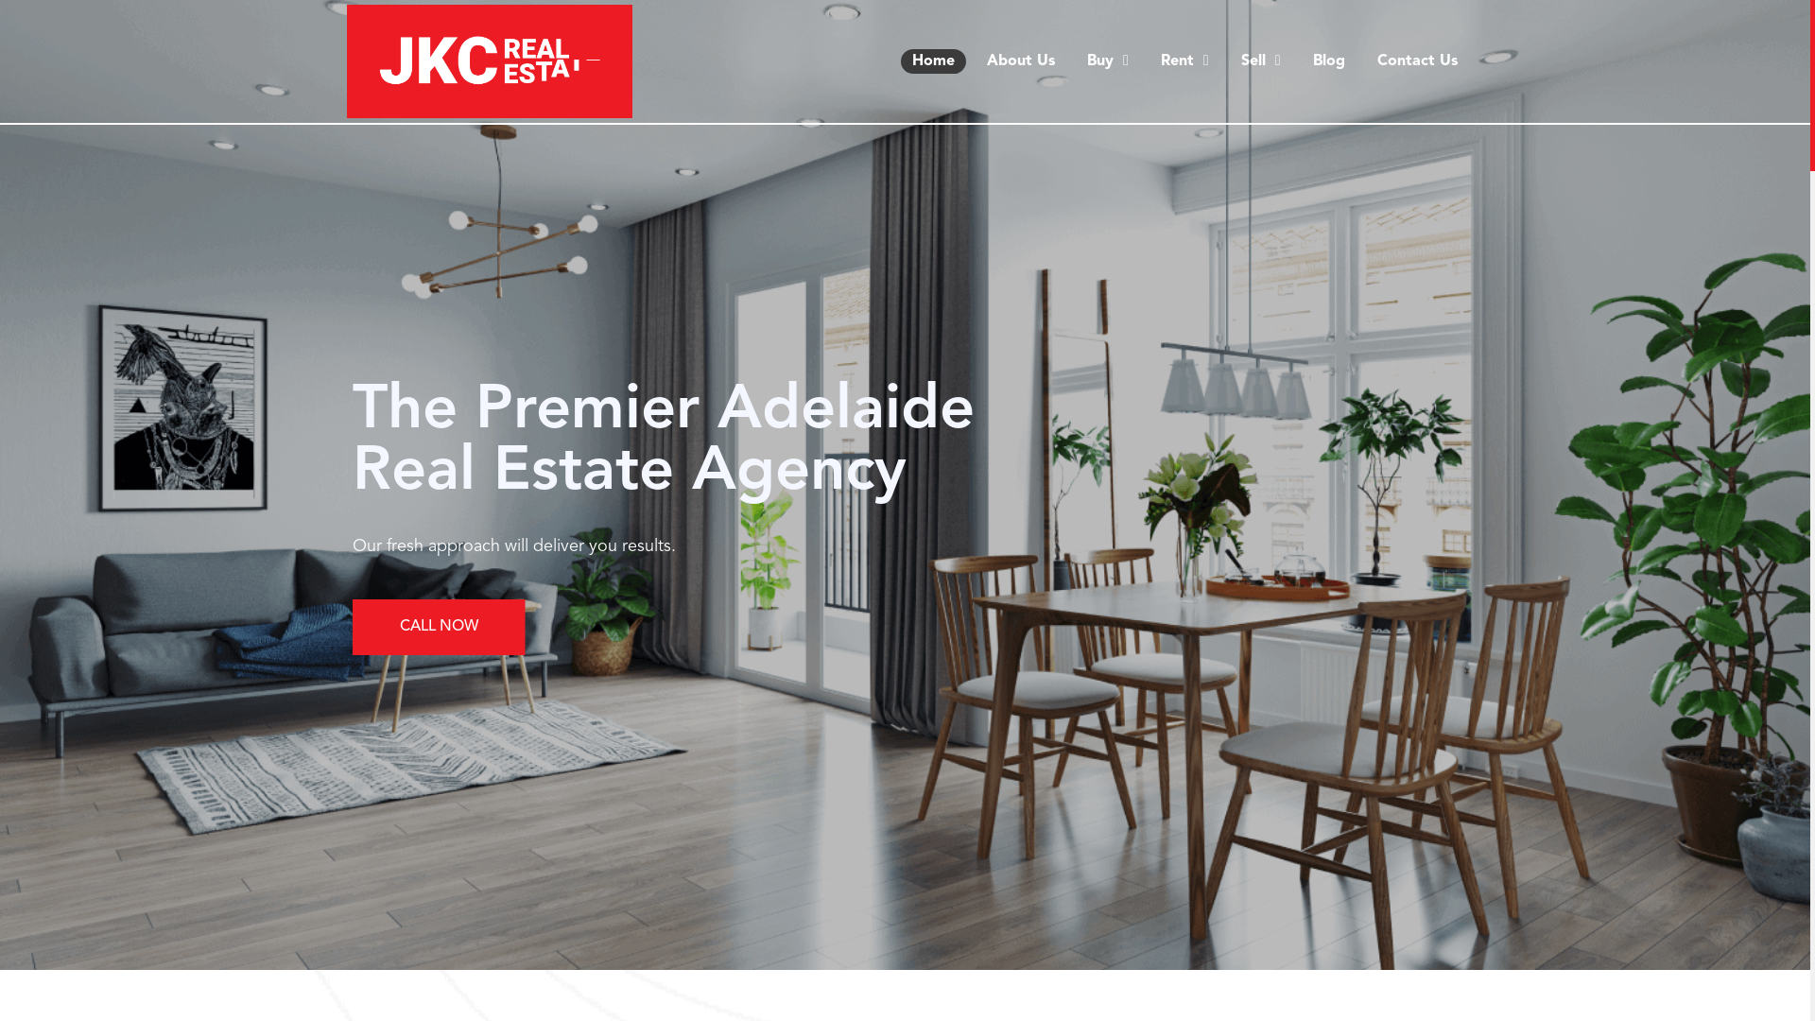 The width and height of the screenshot is (1815, 1021). Describe the element at coordinates (437, 627) in the screenshot. I see `'CALL NOW'` at that location.